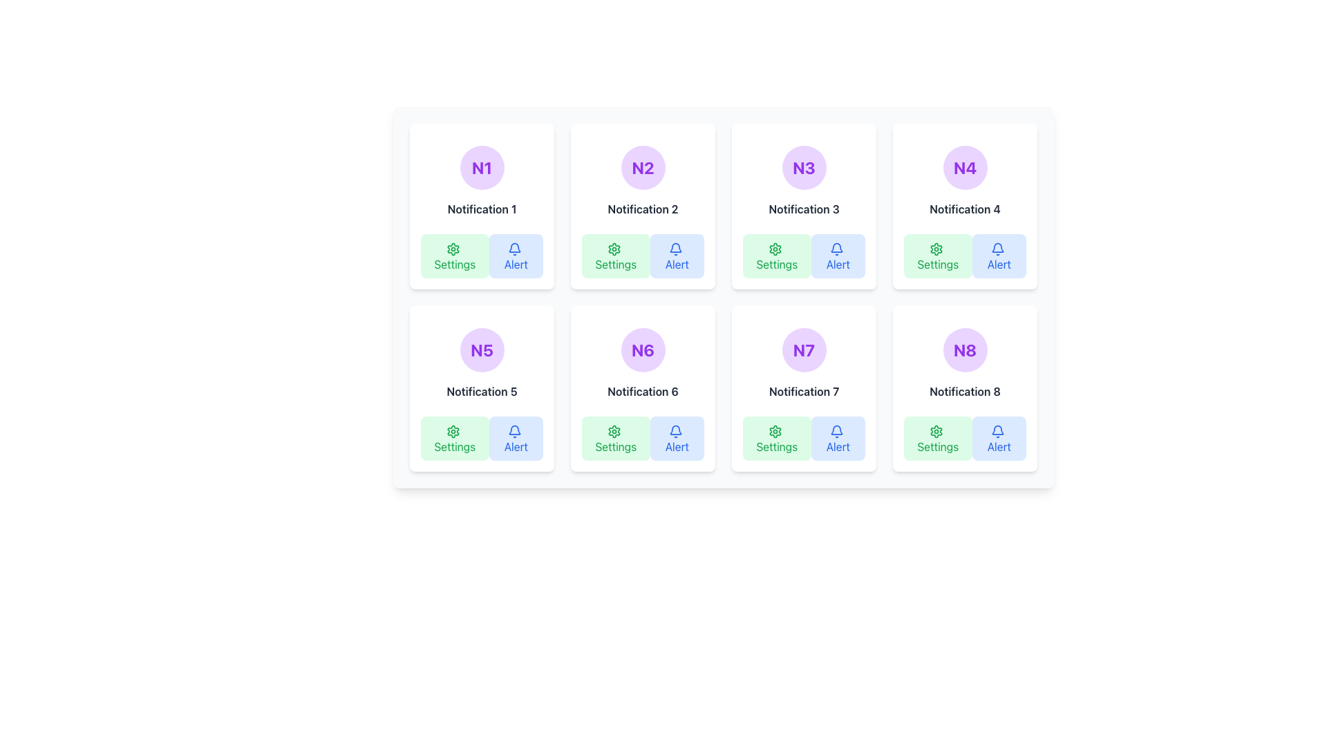 The width and height of the screenshot is (1327, 746). Describe the element at coordinates (836, 430) in the screenshot. I see `the blue bell icon located within the 'Alert' button in the bottom-right section of the 'Notification 7' card` at that location.